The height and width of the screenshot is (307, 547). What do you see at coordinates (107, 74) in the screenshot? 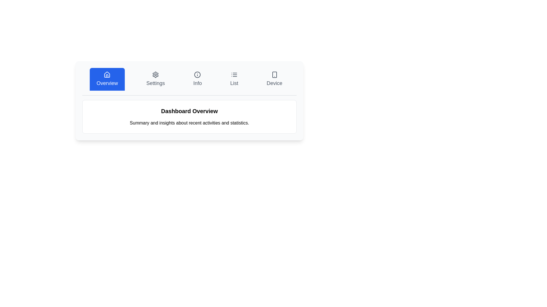
I see `the white house-like icon with a blue background, which is the top-leftmost element in the navigation bar` at bounding box center [107, 74].